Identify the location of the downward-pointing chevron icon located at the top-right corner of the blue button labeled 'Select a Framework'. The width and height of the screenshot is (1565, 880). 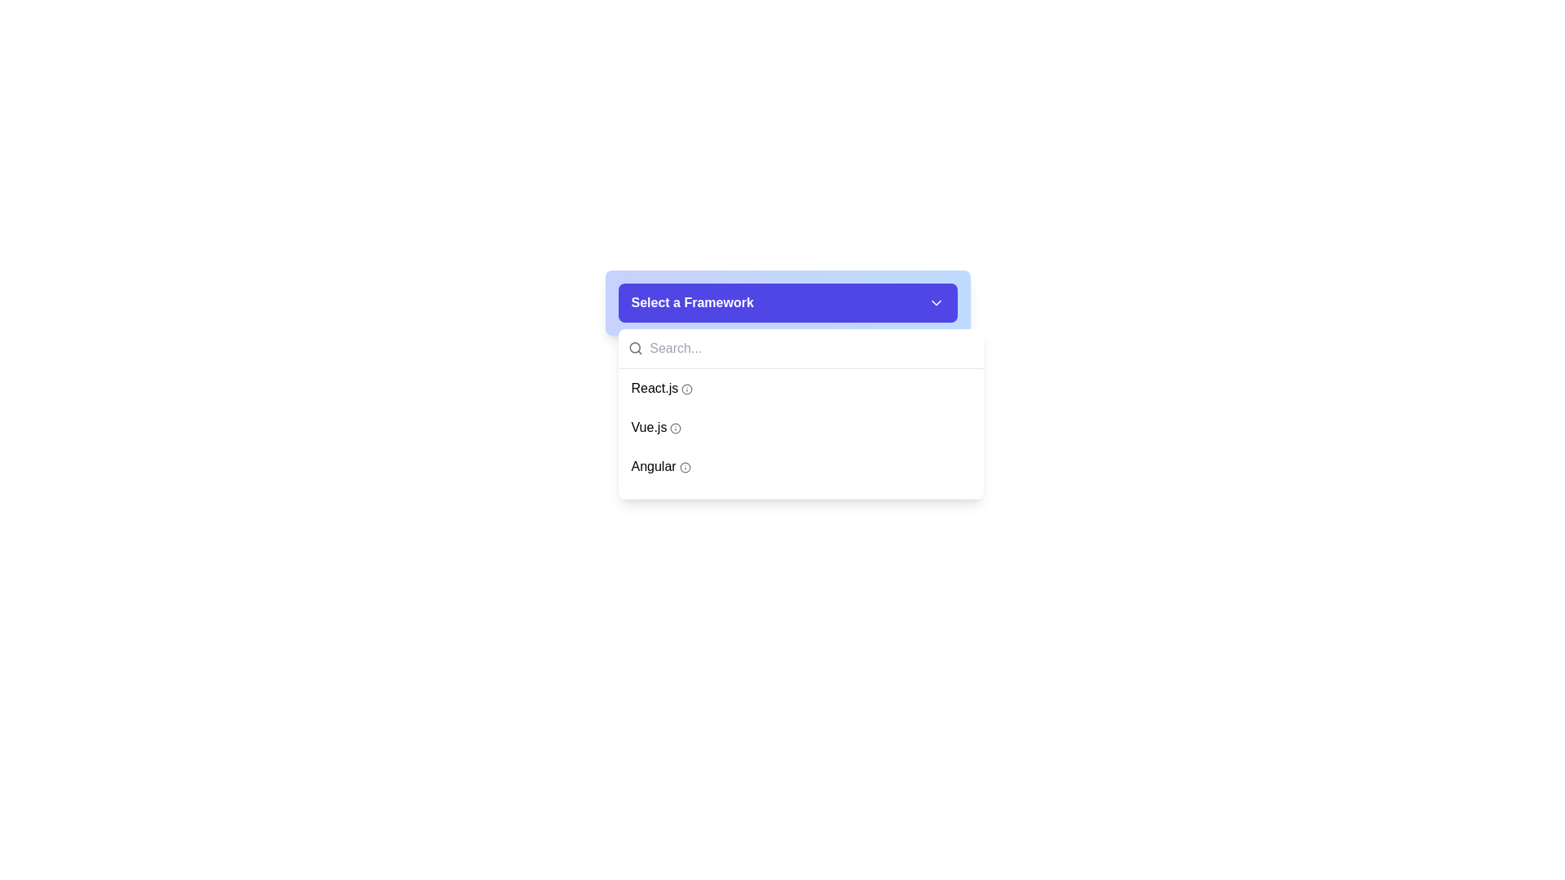
(936, 302).